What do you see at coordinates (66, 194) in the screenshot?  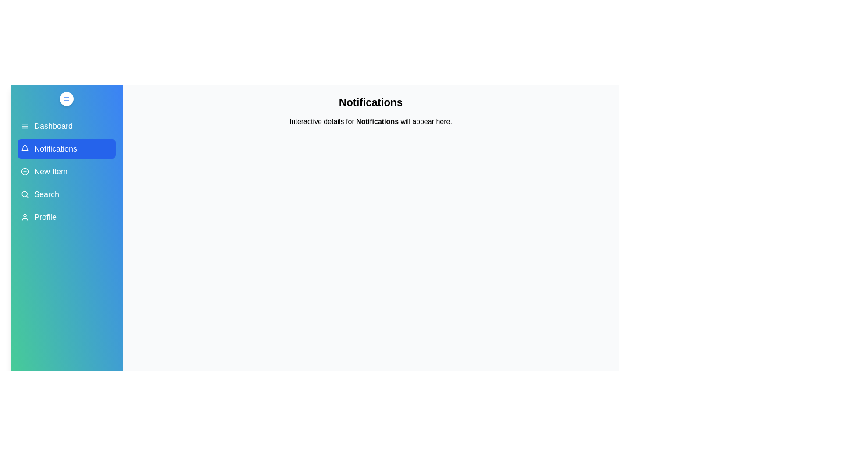 I see `the menu item Search in the sidebar to display its details` at bounding box center [66, 194].